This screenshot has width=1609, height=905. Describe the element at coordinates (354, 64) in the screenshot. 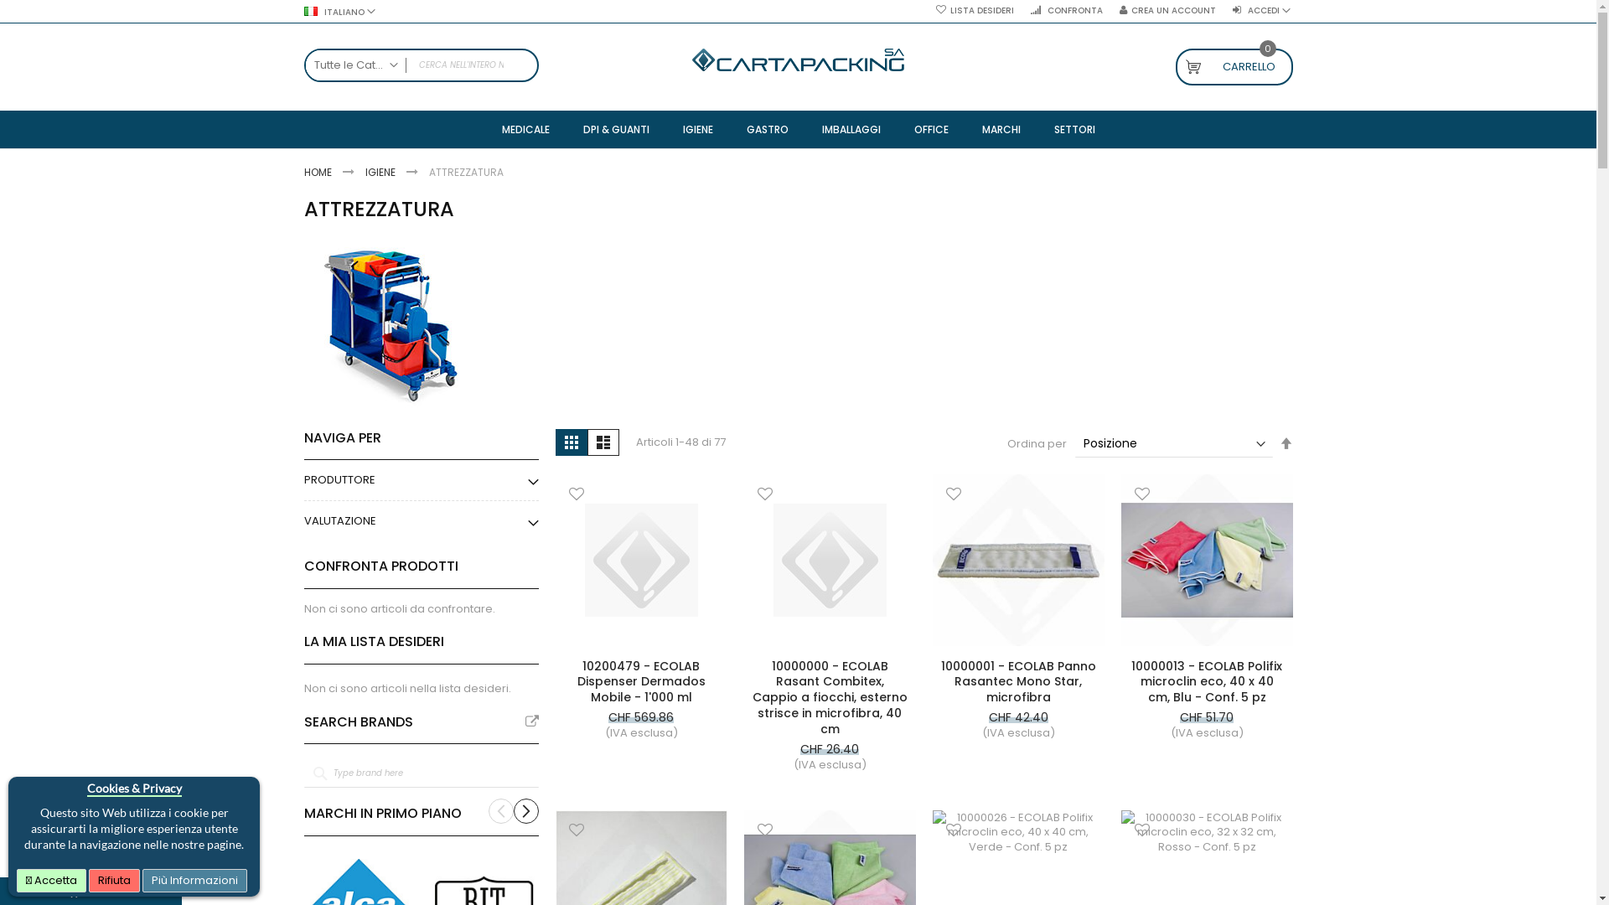

I see `'Tutte le Categorie'` at that location.